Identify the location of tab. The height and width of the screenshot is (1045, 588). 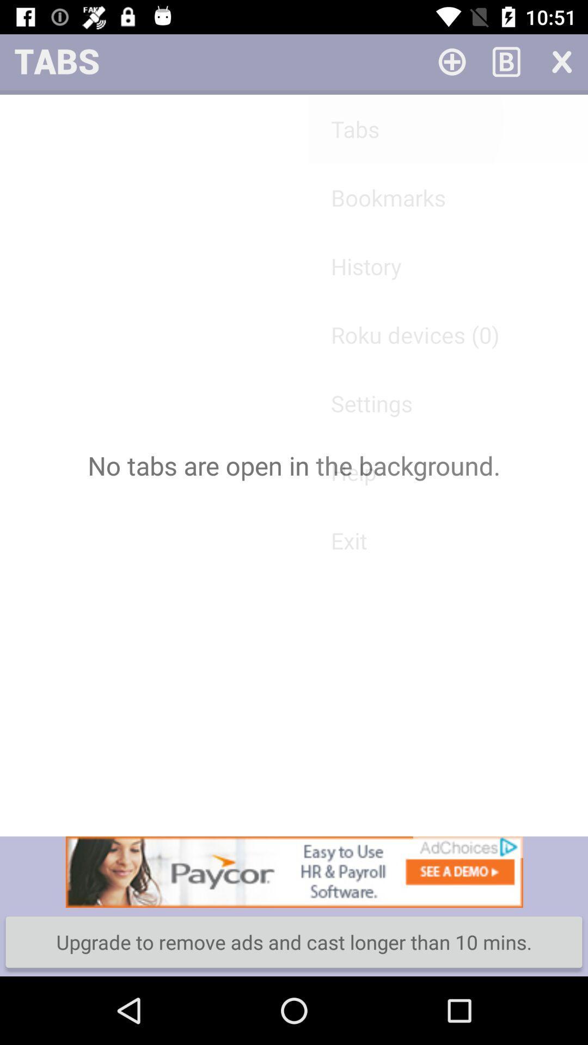
(561, 60).